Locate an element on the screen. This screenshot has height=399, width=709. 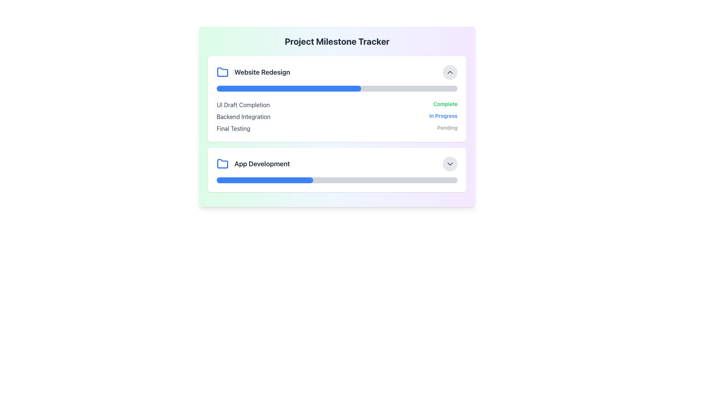
the status indicator Text Label that conveys the task 'UI Draft Completion', located in the 'Website Redesign' section of the milestone tracker interface is located at coordinates (445, 105).